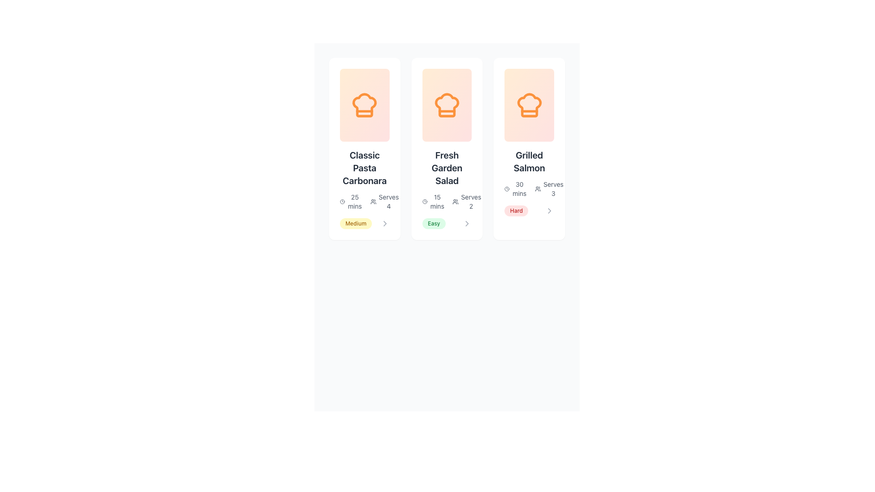 The width and height of the screenshot is (875, 492). What do you see at coordinates (529, 161) in the screenshot?
I see `the Text label that identifies the recipe 'Grilled Salmon', located in the upper-mid section of the third card below an orange chef's hat icon` at bounding box center [529, 161].